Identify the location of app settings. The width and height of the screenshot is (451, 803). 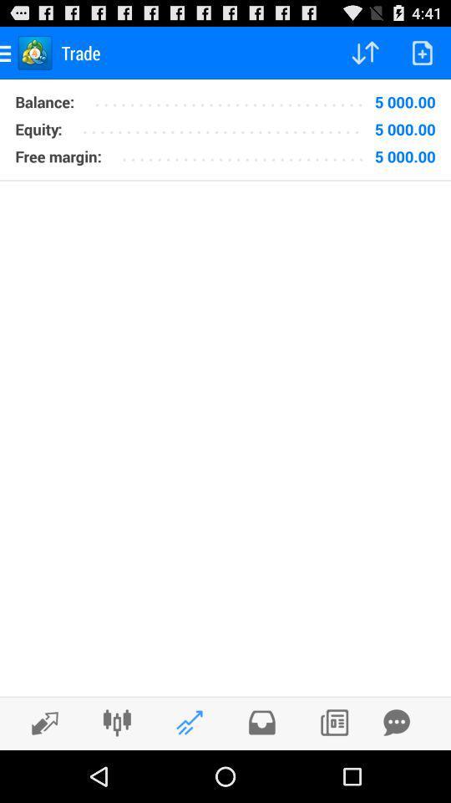
(116, 722).